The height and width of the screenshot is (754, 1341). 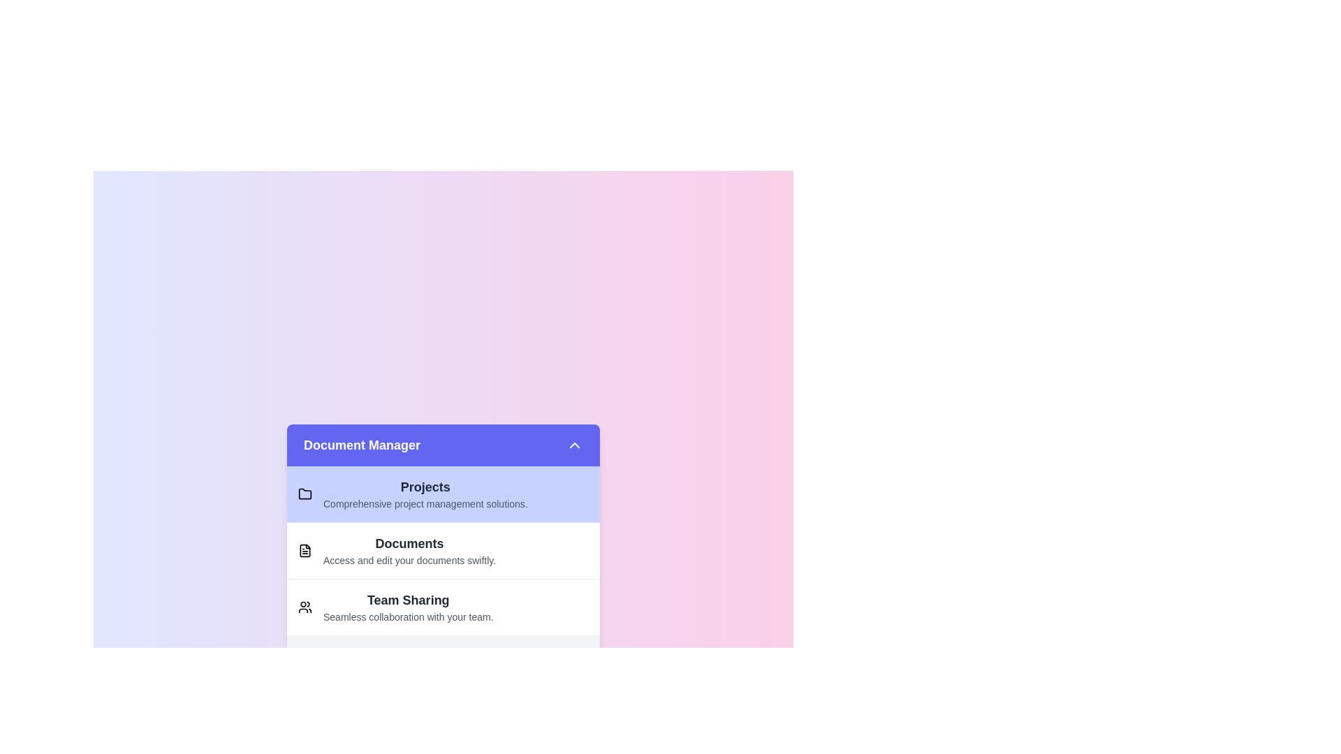 What do you see at coordinates (442, 494) in the screenshot?
I see `the item corresponding to Projects to highlight it` at bounding box center [442, 494].